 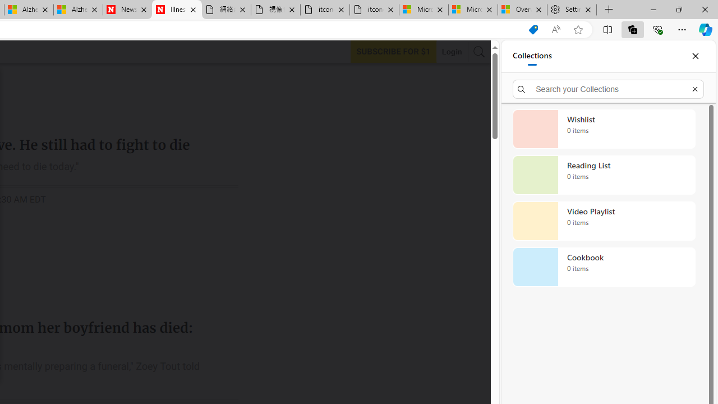 What do you see at coordinates (678, 9) in the screenshot?
I see `'Restore'` at bounding box center [678, 9].